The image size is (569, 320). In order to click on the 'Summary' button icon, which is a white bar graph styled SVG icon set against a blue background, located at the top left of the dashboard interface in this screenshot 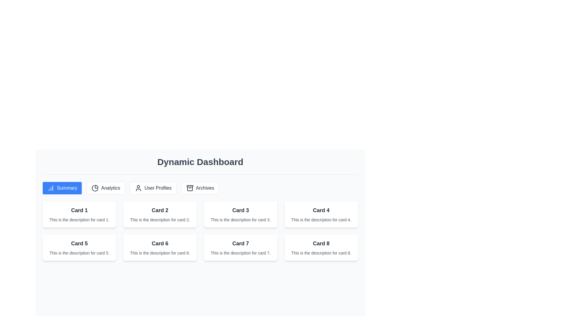, I will do `click(51, 188)`.